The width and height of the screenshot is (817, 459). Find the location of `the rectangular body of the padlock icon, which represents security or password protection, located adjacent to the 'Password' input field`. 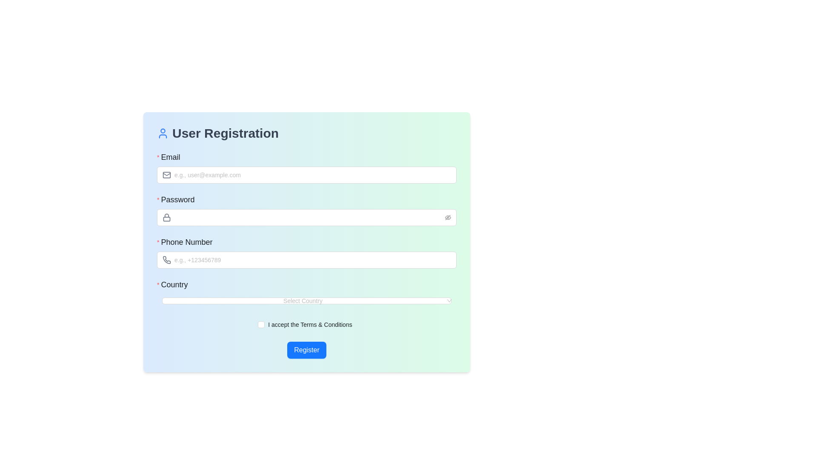

the rectangular body of the padlock icon, which represents security or password protection, located adjacent to the 'Password' input field is located at coordinates (167, 218).